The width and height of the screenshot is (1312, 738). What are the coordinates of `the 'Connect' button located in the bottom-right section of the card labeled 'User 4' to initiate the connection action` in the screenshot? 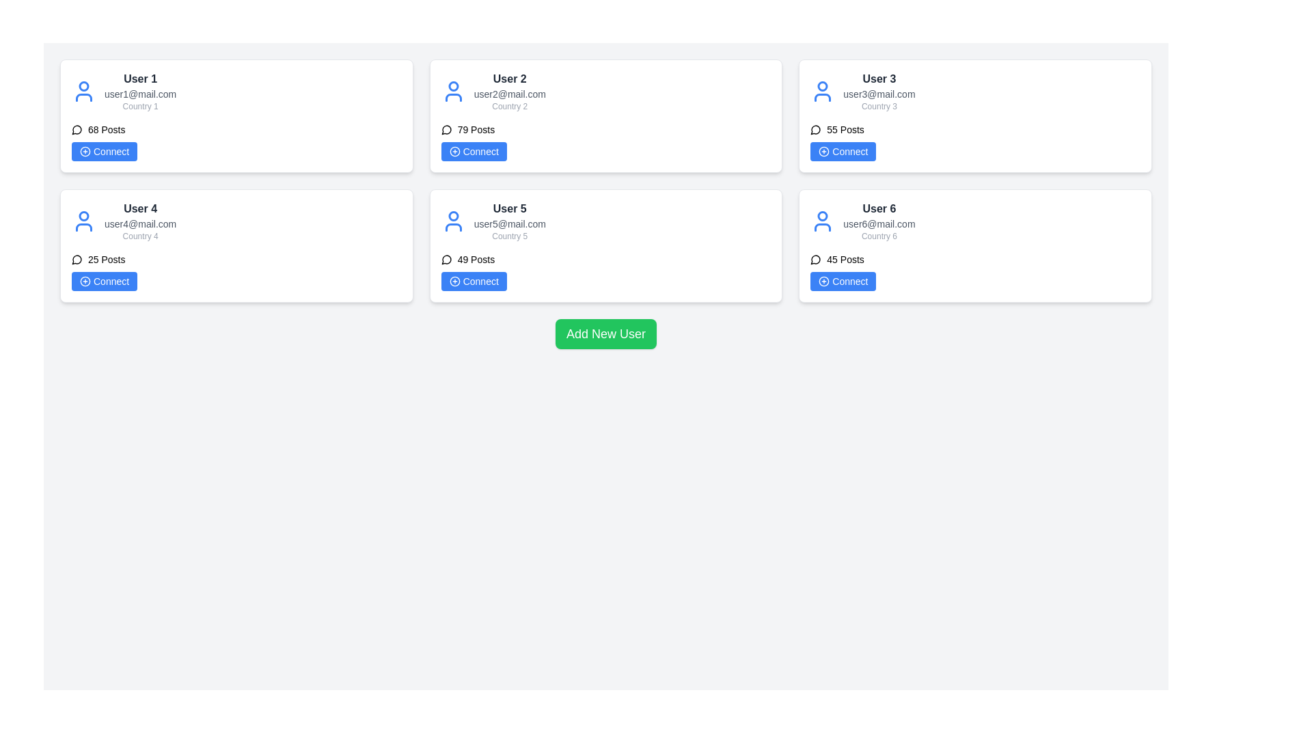 It's located at (104, 281).